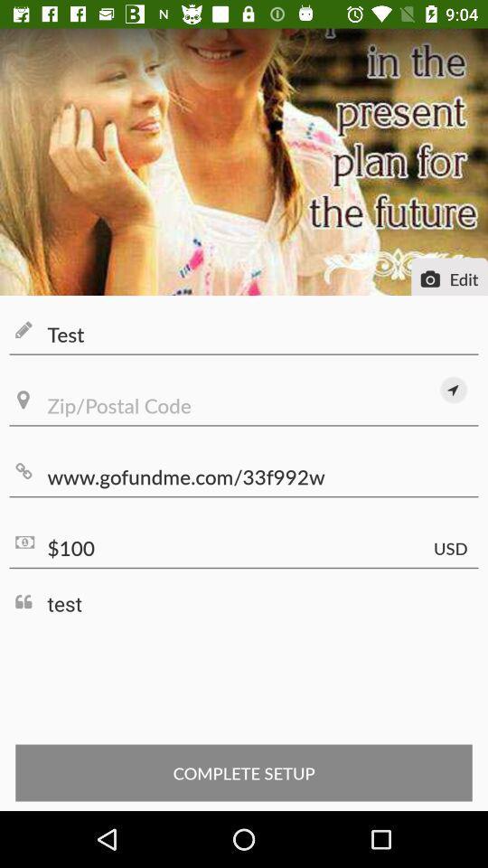 This screenshot has width=488, height=868. Describe the element at coordinates (453, 390) in the screenshot. I see `item below the test` at that location.